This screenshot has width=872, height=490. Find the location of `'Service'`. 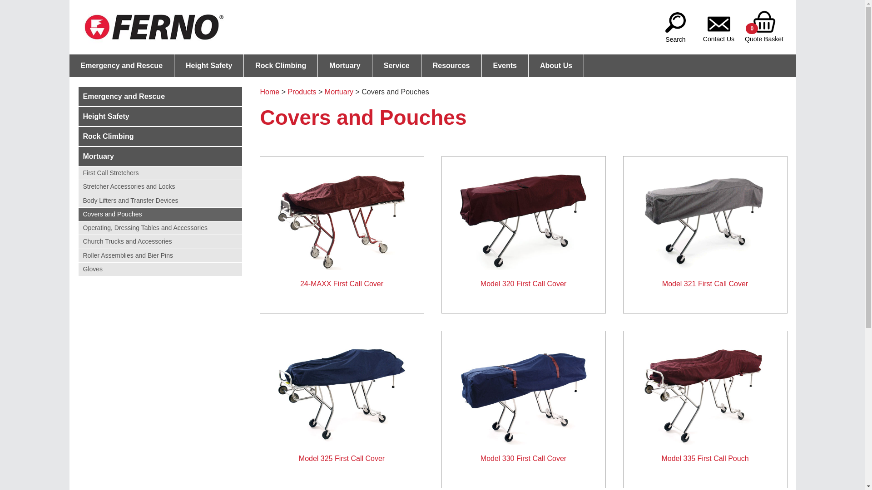

'Service' is located at coordinates (396, 65).